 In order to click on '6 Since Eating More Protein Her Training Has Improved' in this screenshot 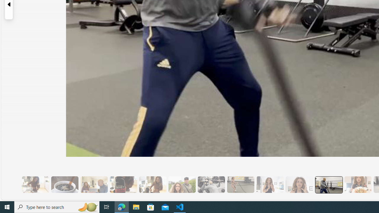, I will do `click(123, 184)`.